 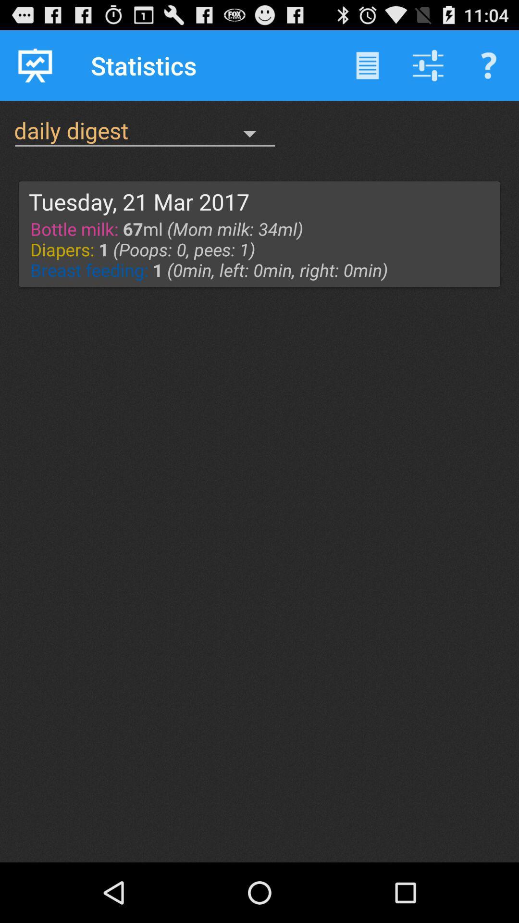 What do you see at coordinates (139, 201) in the screenshot?
I see `the app below the daily digest item` at bounding box center [139, 201].